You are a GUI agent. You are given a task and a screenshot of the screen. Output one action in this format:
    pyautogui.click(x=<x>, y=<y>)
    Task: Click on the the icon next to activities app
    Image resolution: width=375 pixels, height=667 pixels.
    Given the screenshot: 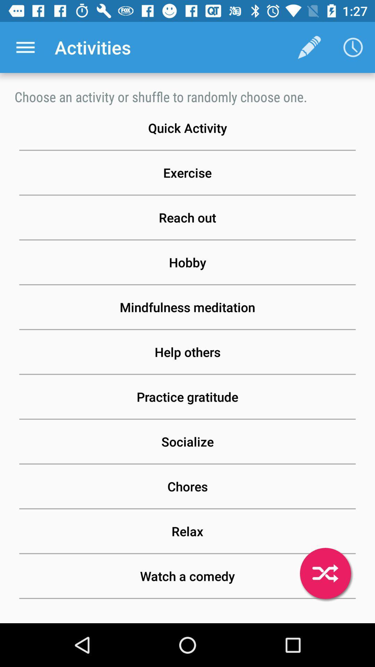 What is the action you would take?
    pyautogui.click(x=25, y=47)
    